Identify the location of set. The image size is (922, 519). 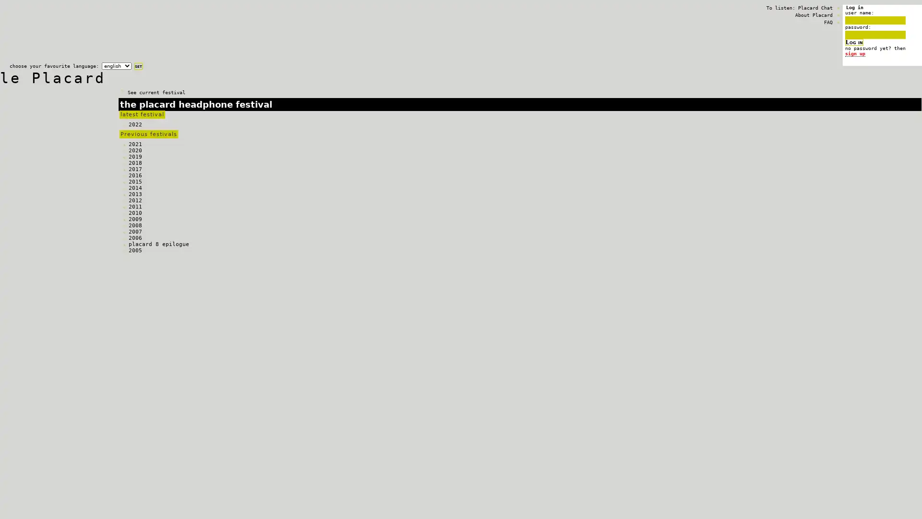
(138, 66).